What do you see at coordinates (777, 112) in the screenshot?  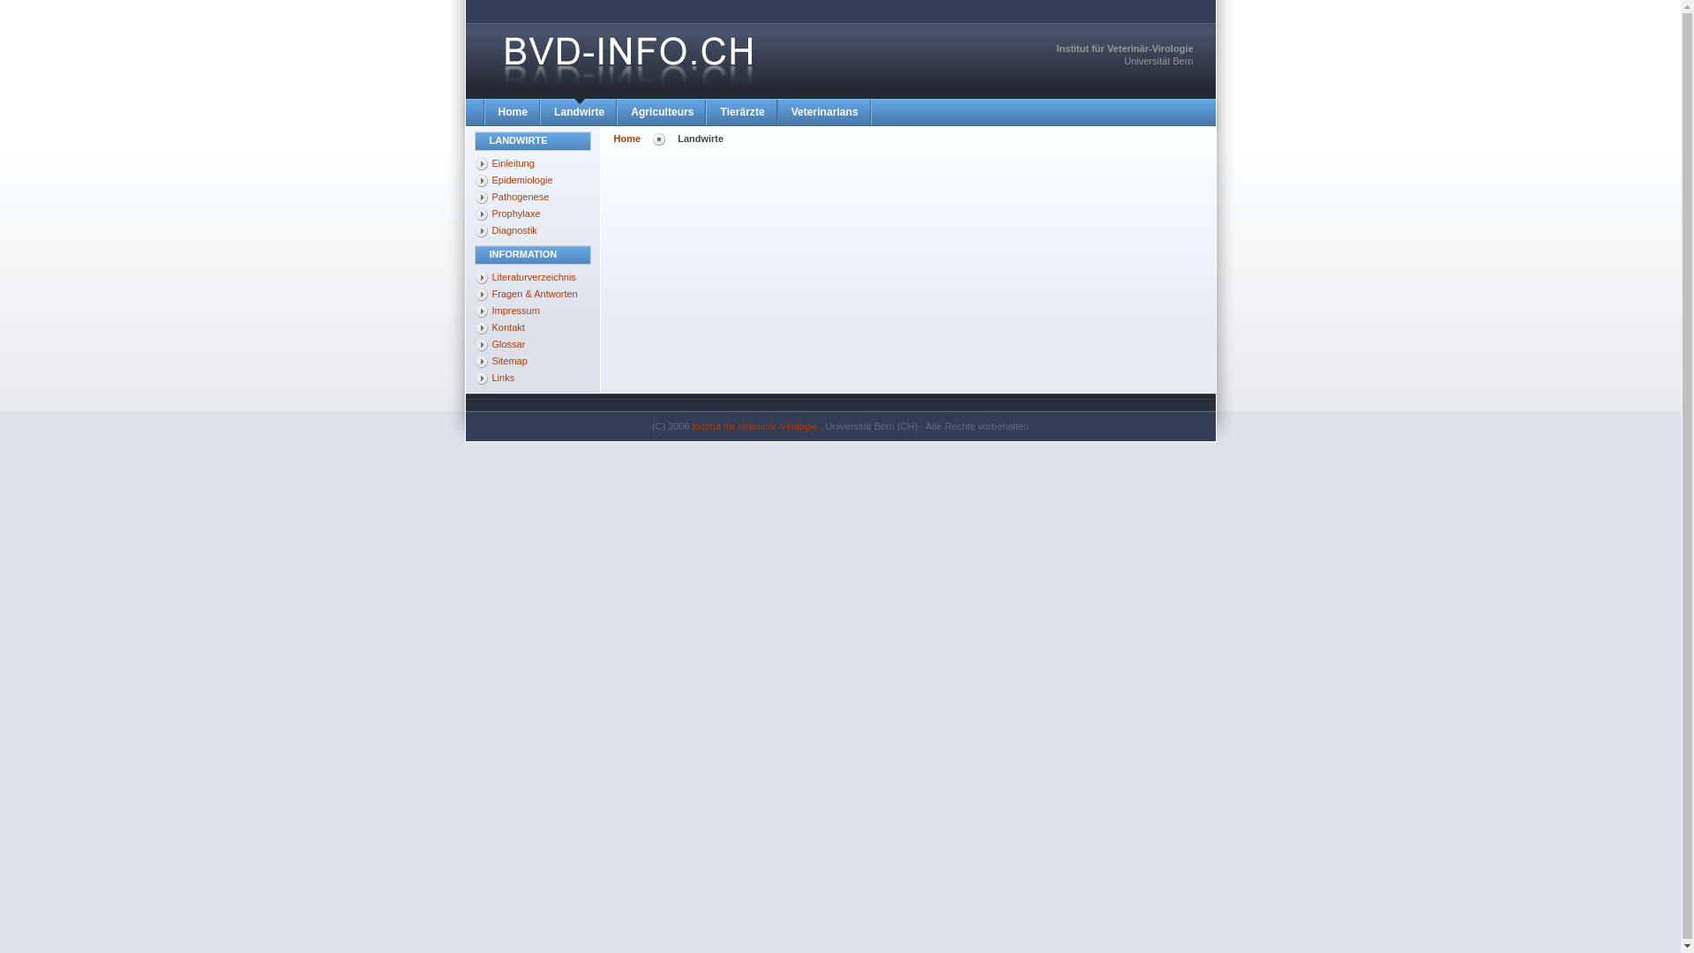 I see `'Veterinarians'` at bounding box center [777, 112].